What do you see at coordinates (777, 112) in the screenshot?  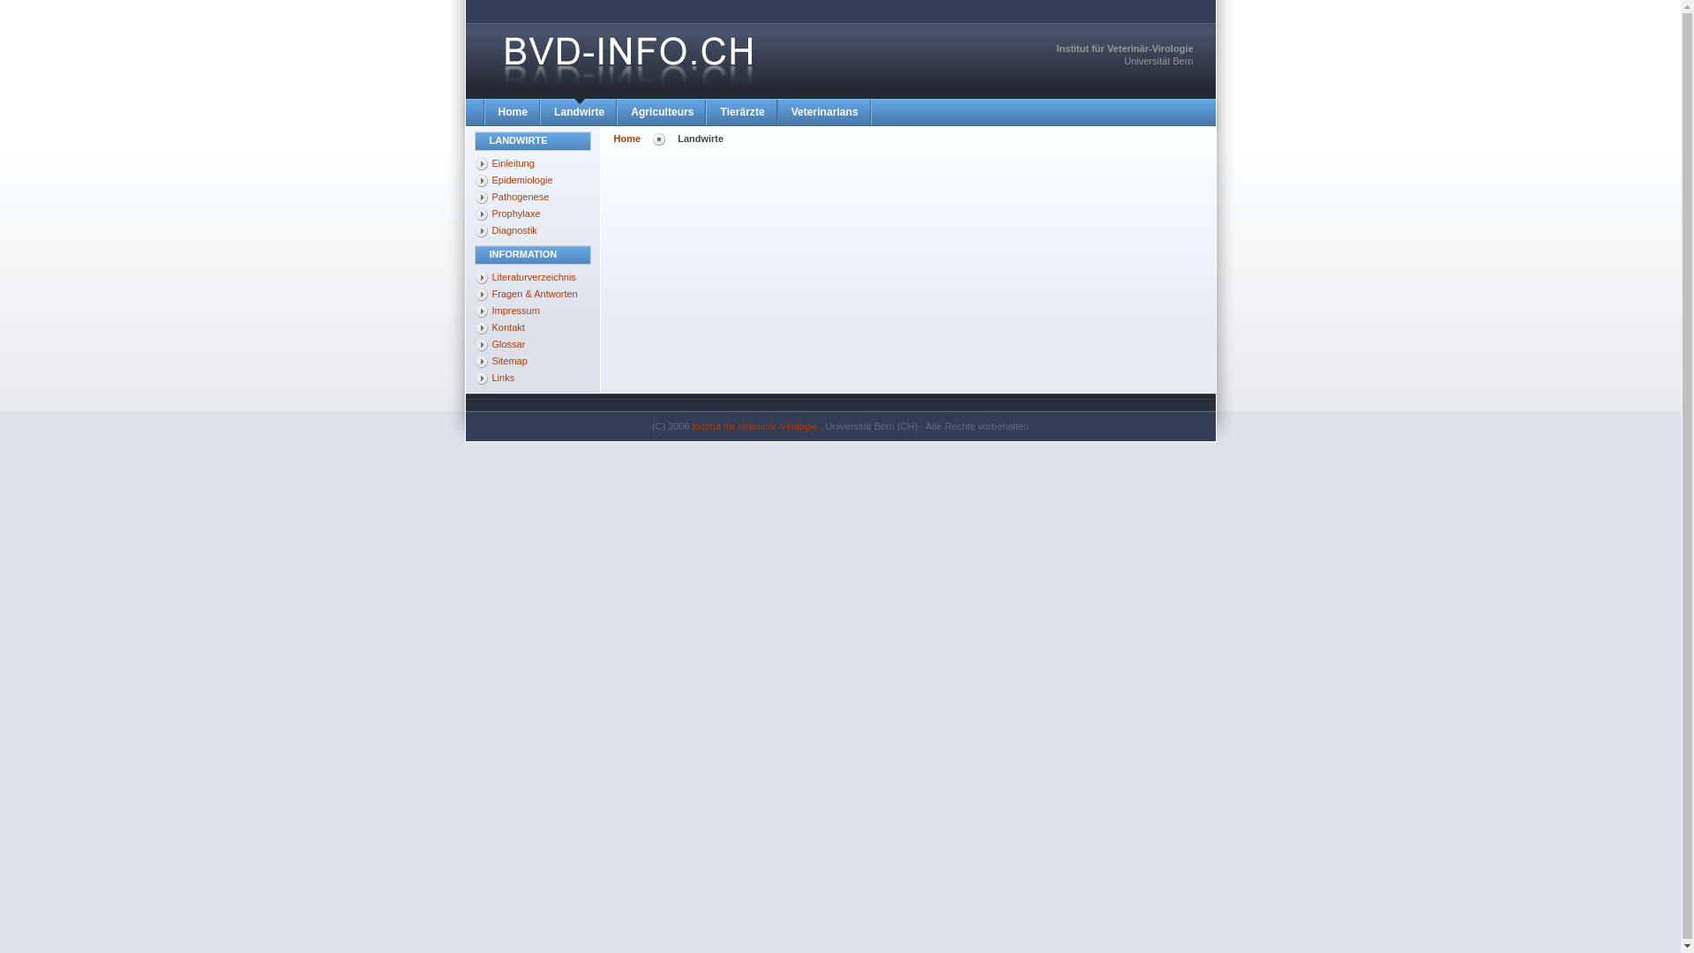 I see `'Veterinarians'` at bounding box center [777, 112].